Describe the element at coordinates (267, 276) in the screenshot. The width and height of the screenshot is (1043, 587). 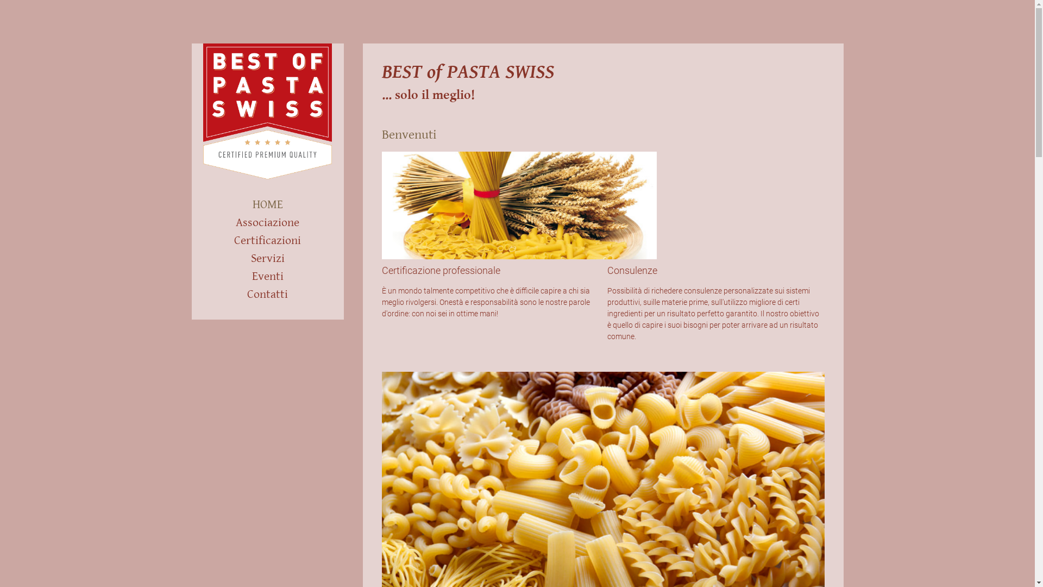
I see `'Eventi'` at that location.